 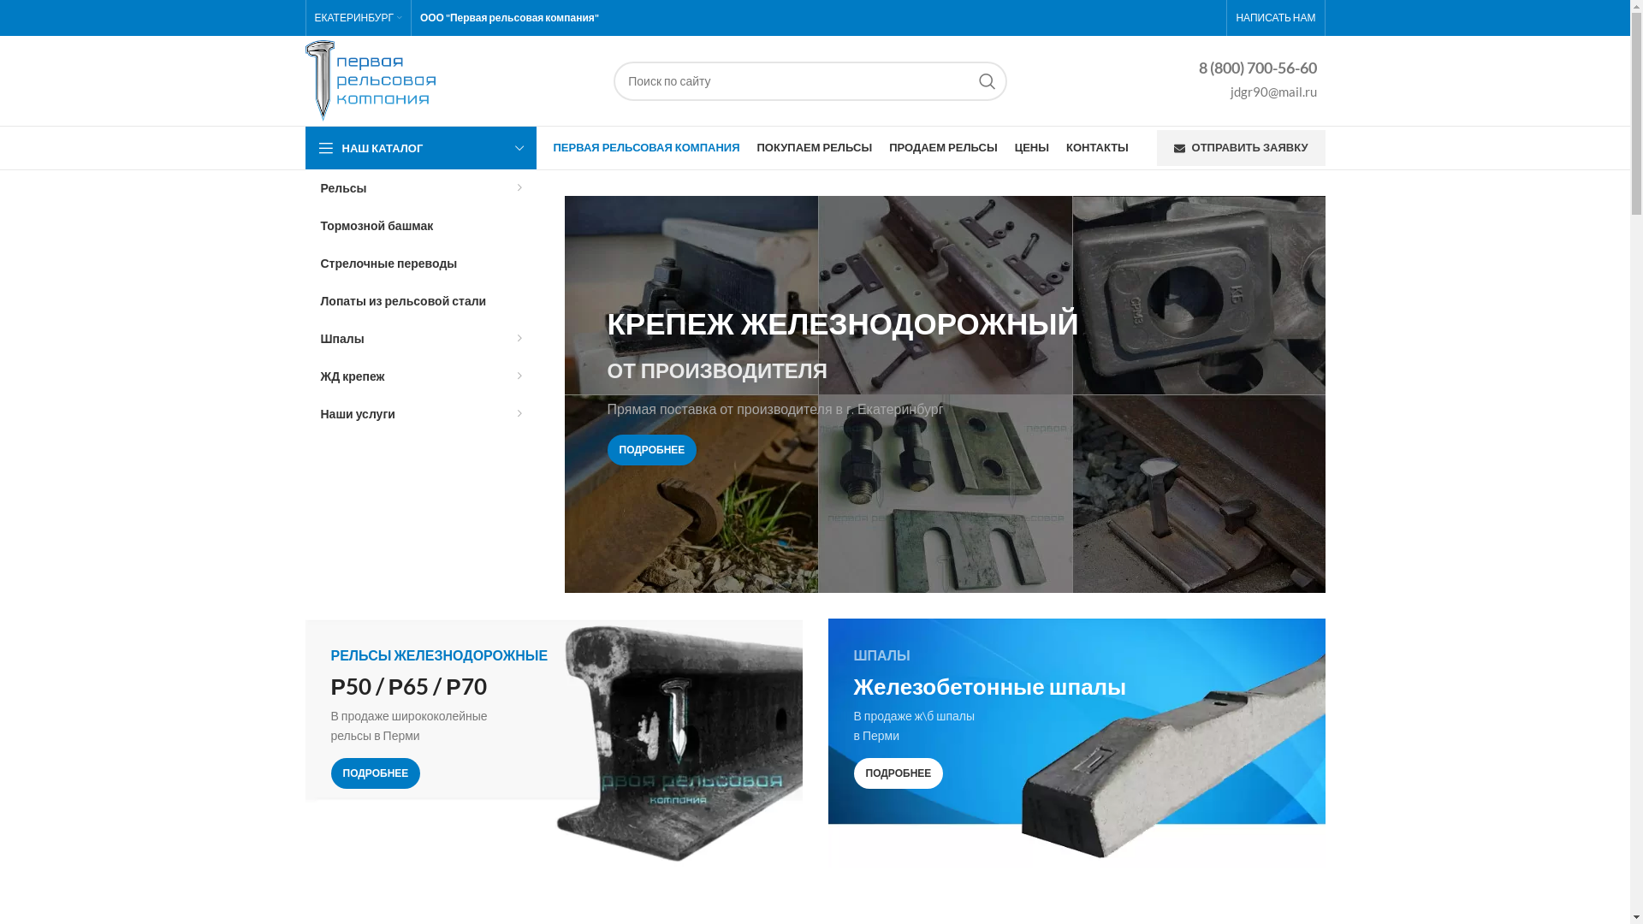 What do you see at coordinates (1256, 94) in the screenshot?
I see `'jdgr90@mail.ru'` at bounding box center [1256, 94].